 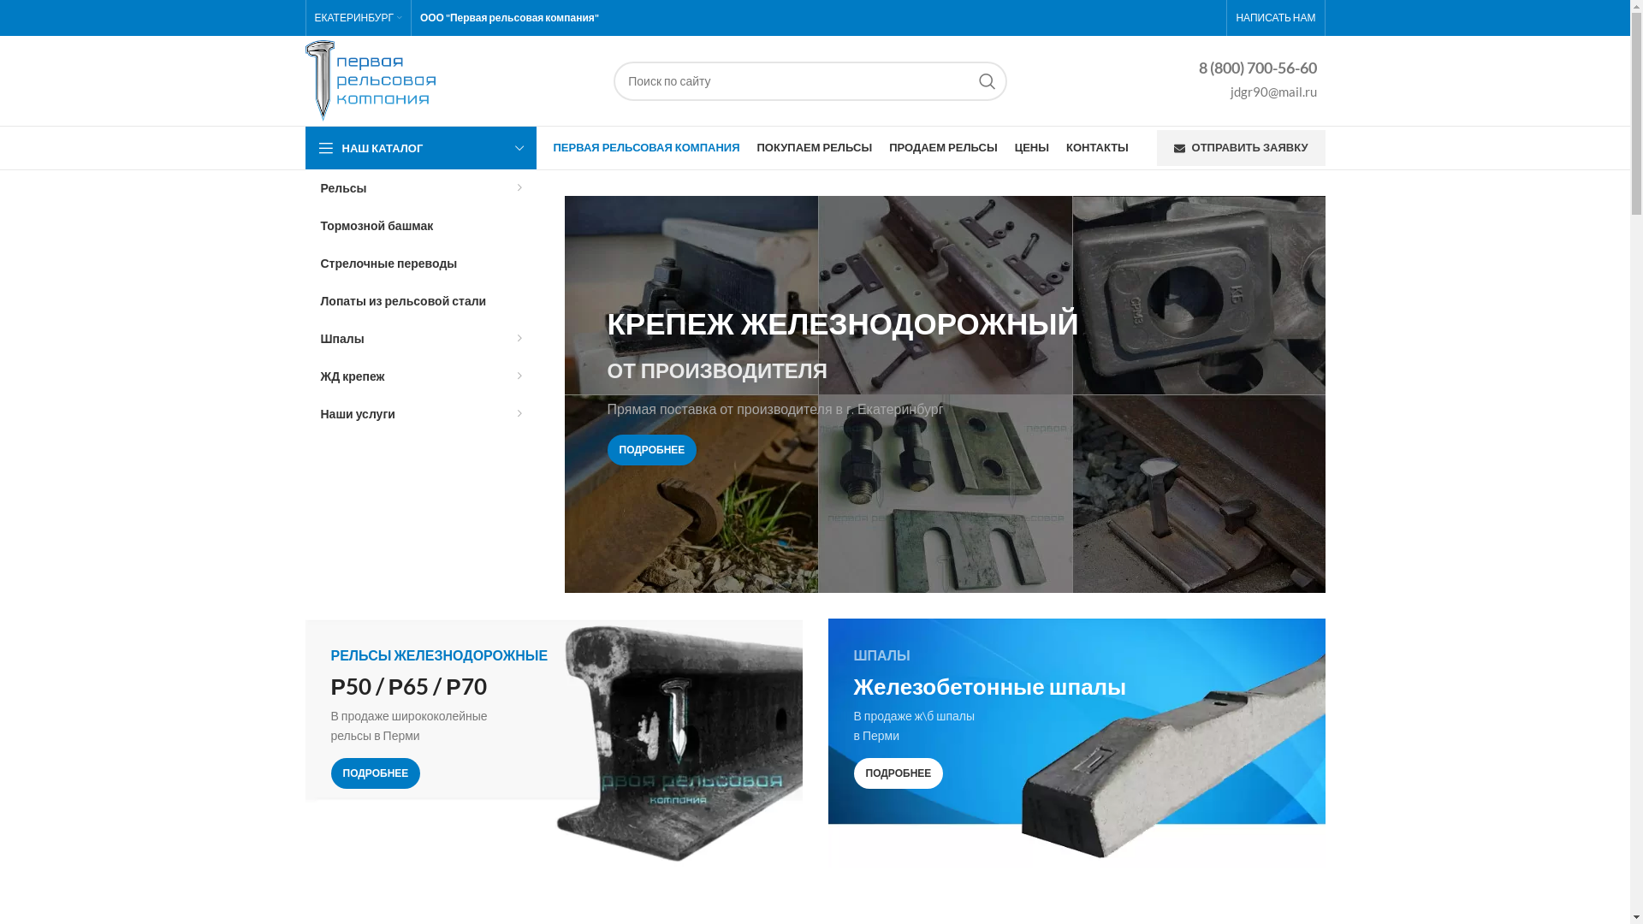 What do you see at coordinates (1256, 94) in the screenshot?
I see `'jdgr90@mail.ru'` at bounding box center [1256, 94].